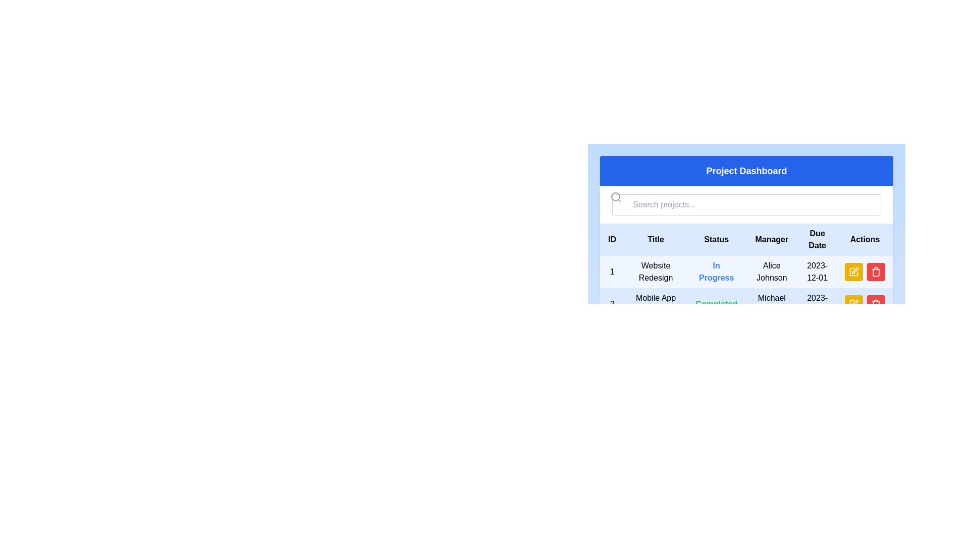  What do you see at coordinates (771, 303) in the screenshot?
I see `the Text label indicating the manager's name located in the second row of the table under the 'Manager' column, which appears after the 'Completed' status text` at bounding box center [771, 303].